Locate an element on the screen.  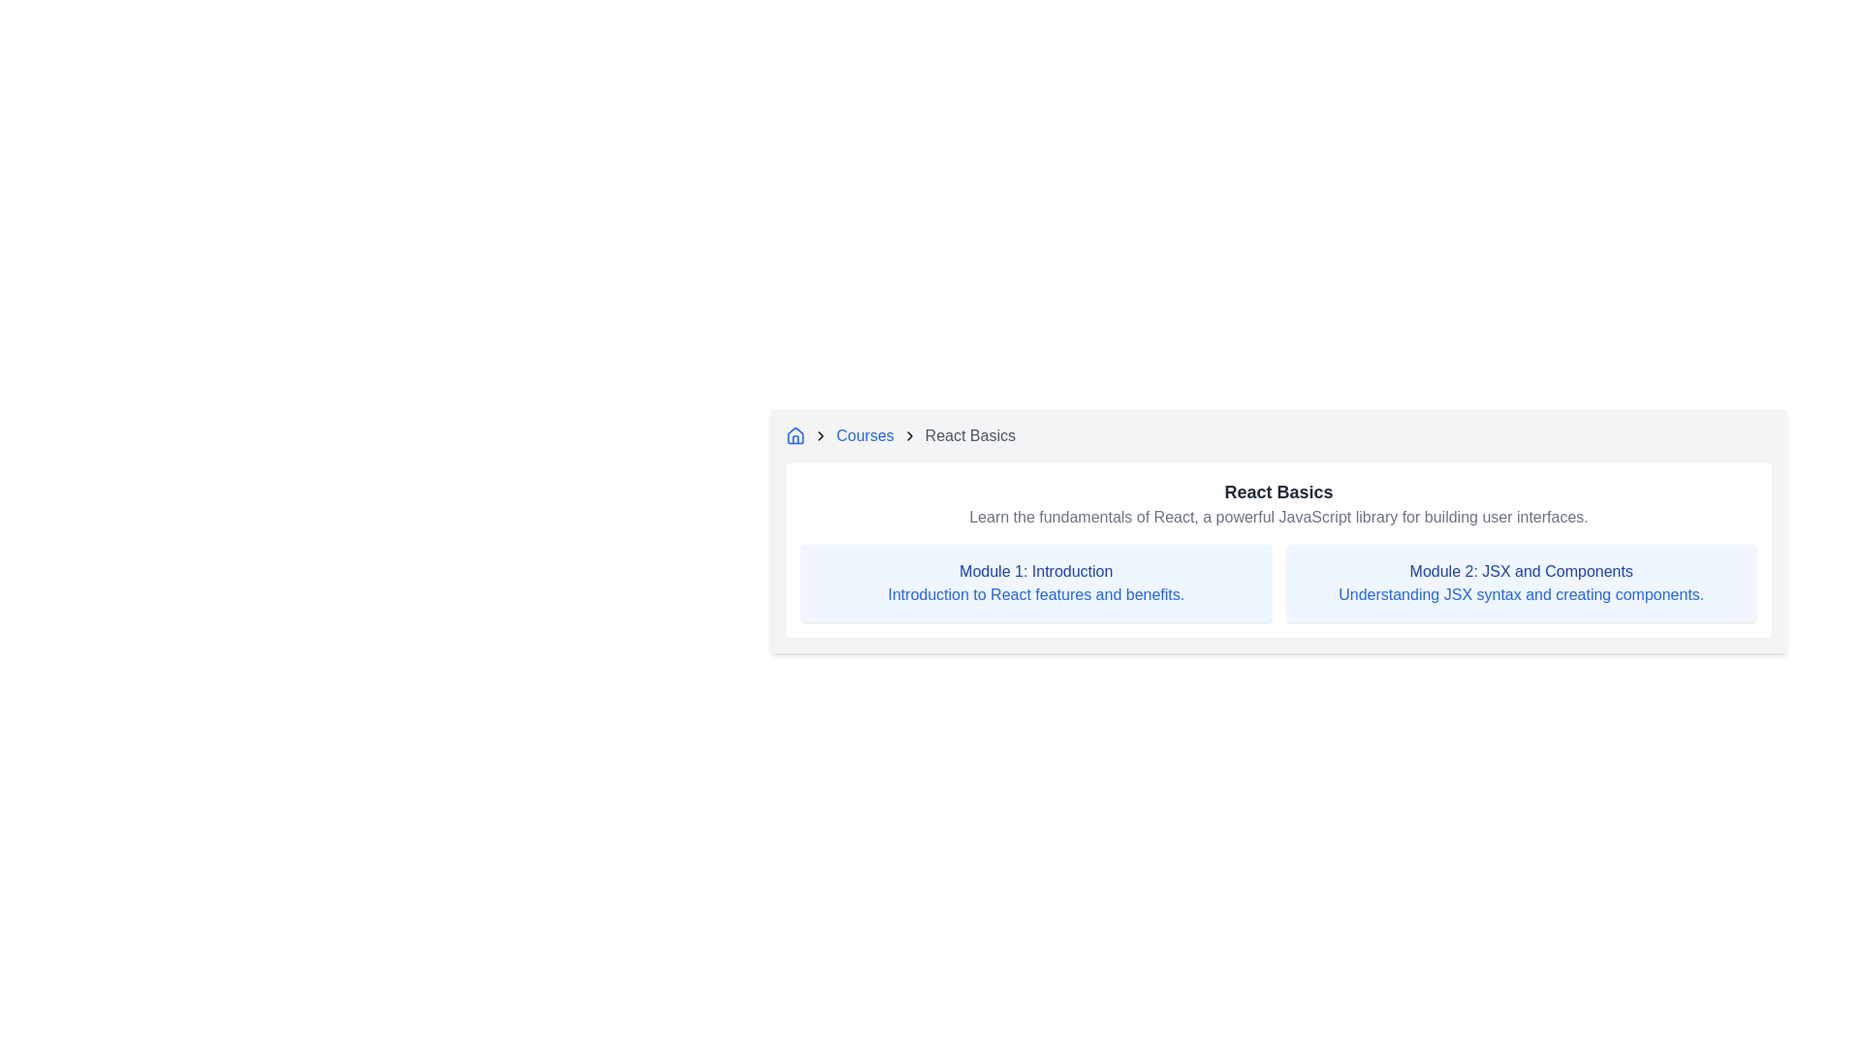
the static text component that describes the contents of Module 2 in the course, positioned below the heading 'Module 2: JSX and Components' is located at coordinates (1520, 593).